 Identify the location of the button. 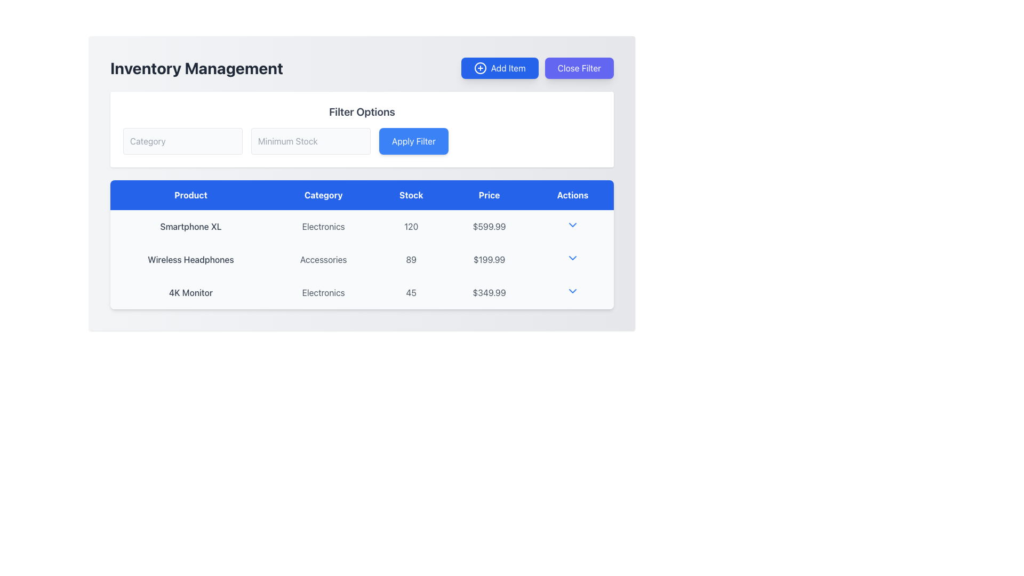
(572, 291).